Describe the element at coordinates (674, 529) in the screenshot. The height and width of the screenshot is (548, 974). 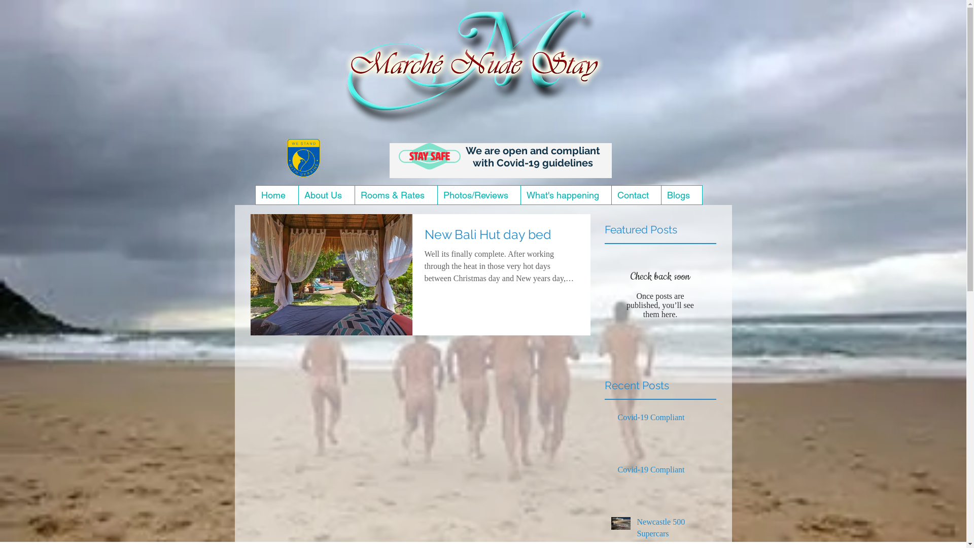
I see `'Newcastle 500 Supercars'` at that location.